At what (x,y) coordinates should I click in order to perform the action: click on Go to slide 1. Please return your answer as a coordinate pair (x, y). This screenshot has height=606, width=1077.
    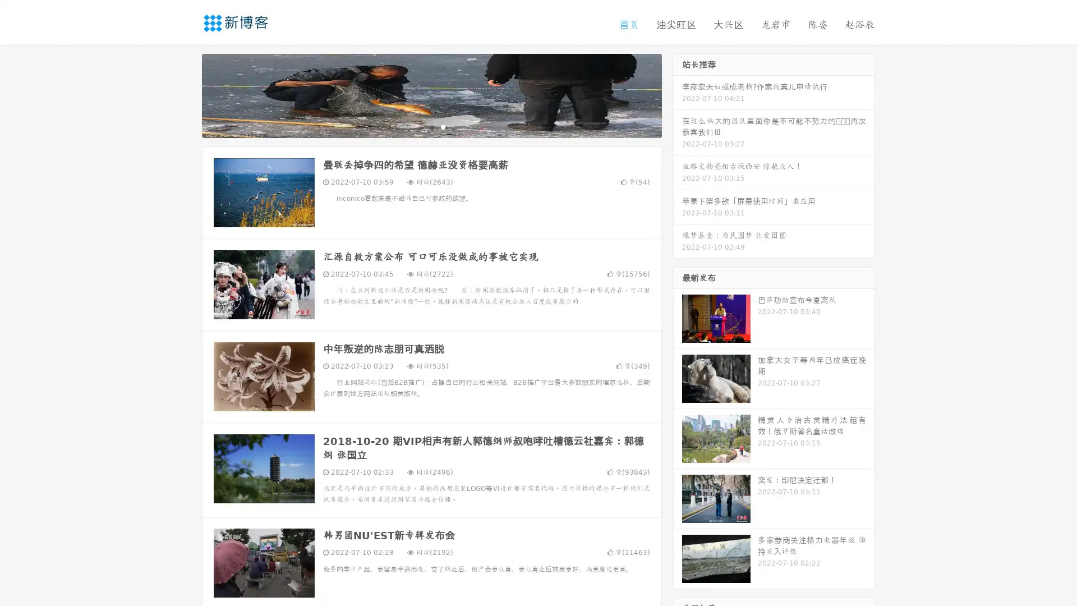
    Looking at the image, I should click on (420, 126).